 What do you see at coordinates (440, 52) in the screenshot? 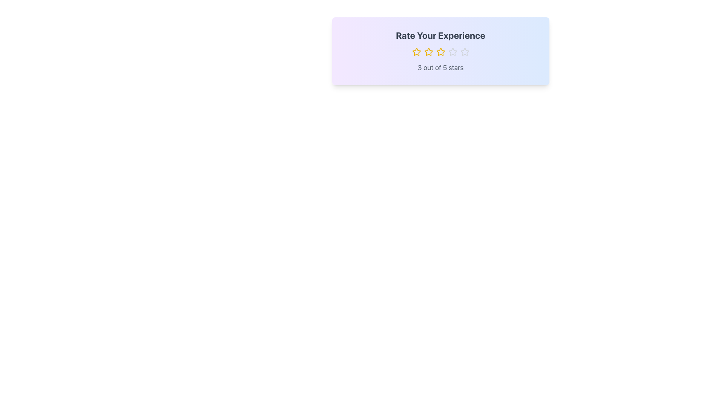
I see `the third star icon in the 5-star rating widget` at bounding box center [440, 52].